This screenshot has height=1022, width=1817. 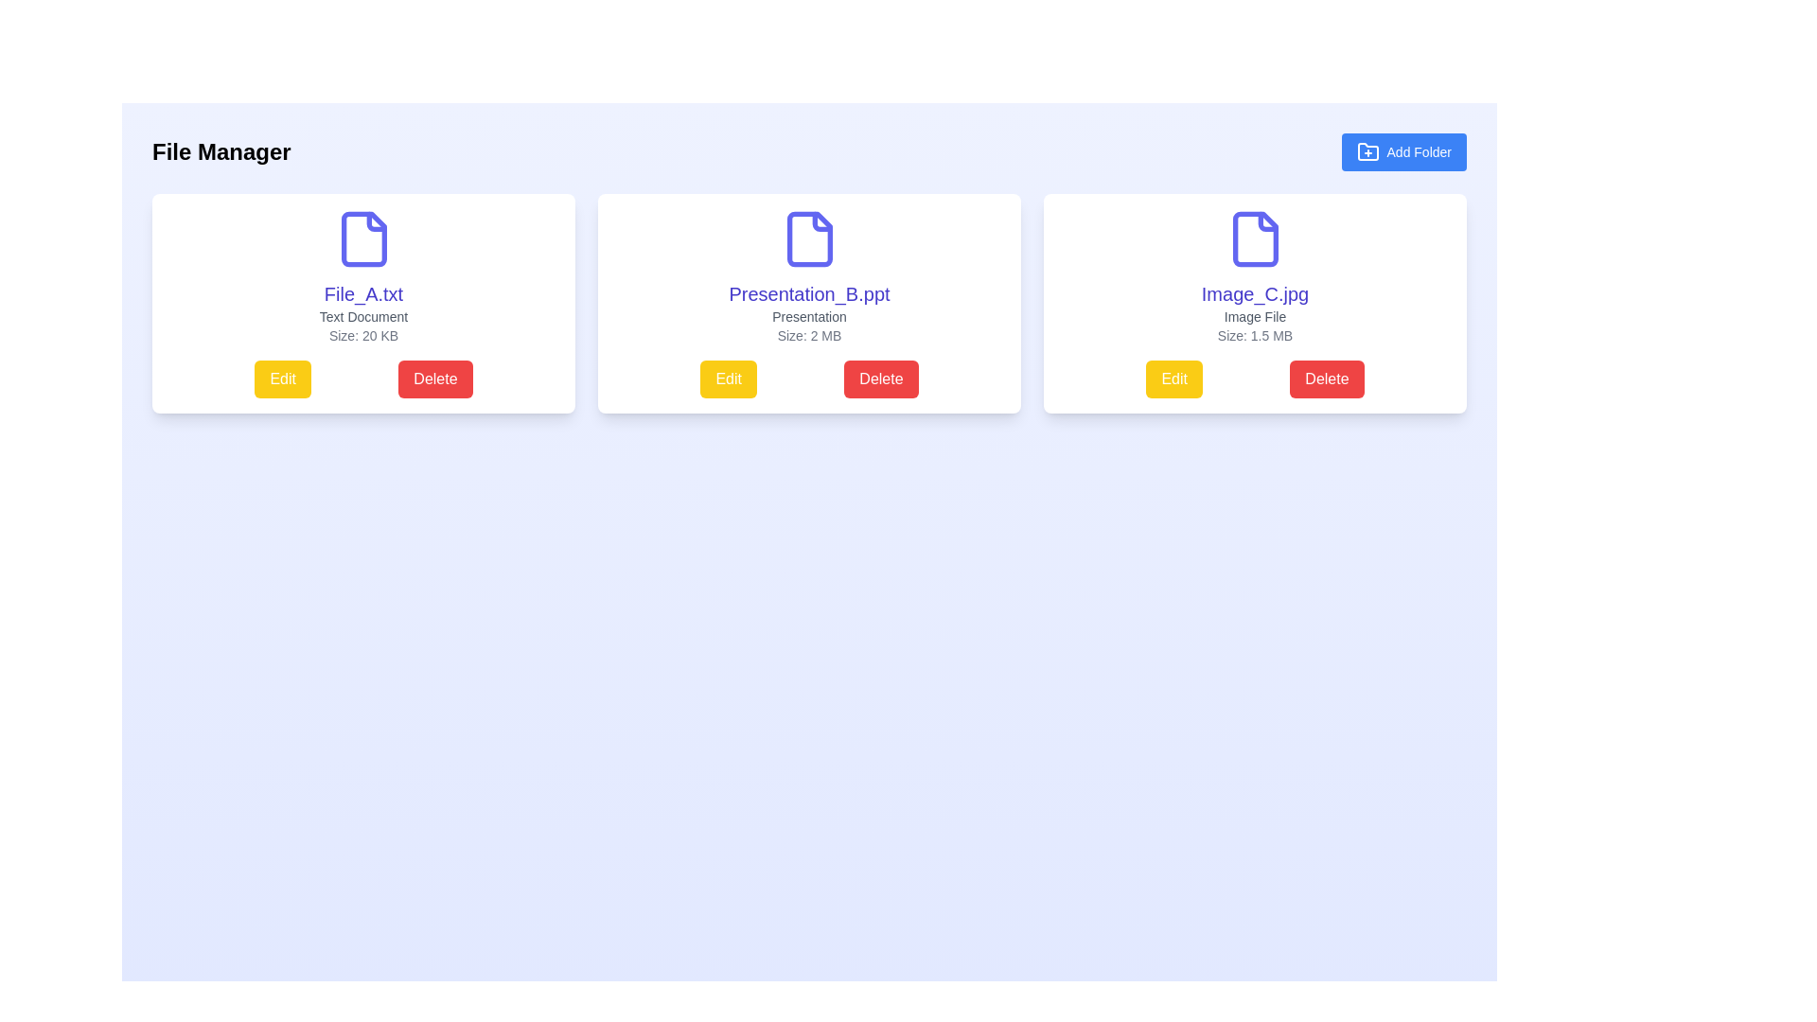 What do you see at coordinates (363, 238) in the screenshot?
I see `the file icon representing 'File_A.txt' located in the top section of the first file card` at bounding box center [363, 238].